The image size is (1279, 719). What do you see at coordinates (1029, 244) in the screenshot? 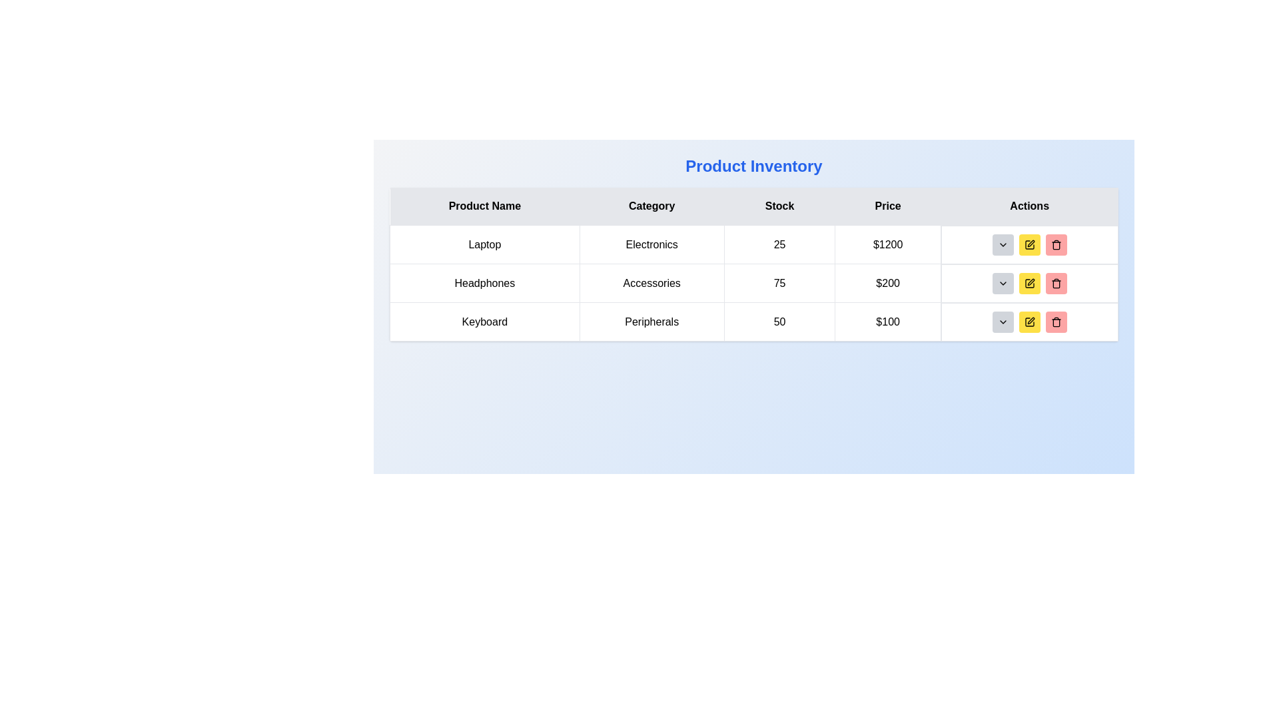
I see `the yellow button with a pencil icon located in the 'Actions' column for the product 'Laptop'` at bounding box center [1029, 244].